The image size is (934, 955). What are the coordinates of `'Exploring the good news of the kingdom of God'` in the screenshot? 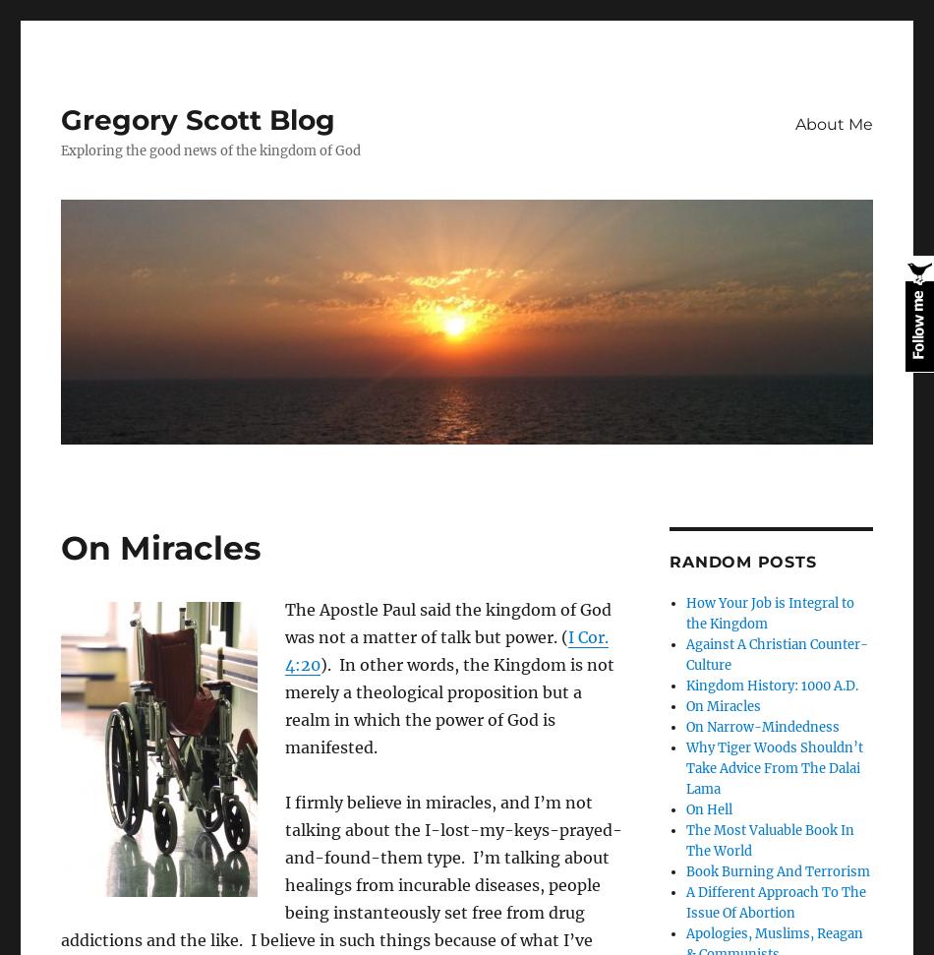 It's located at (61, 150).